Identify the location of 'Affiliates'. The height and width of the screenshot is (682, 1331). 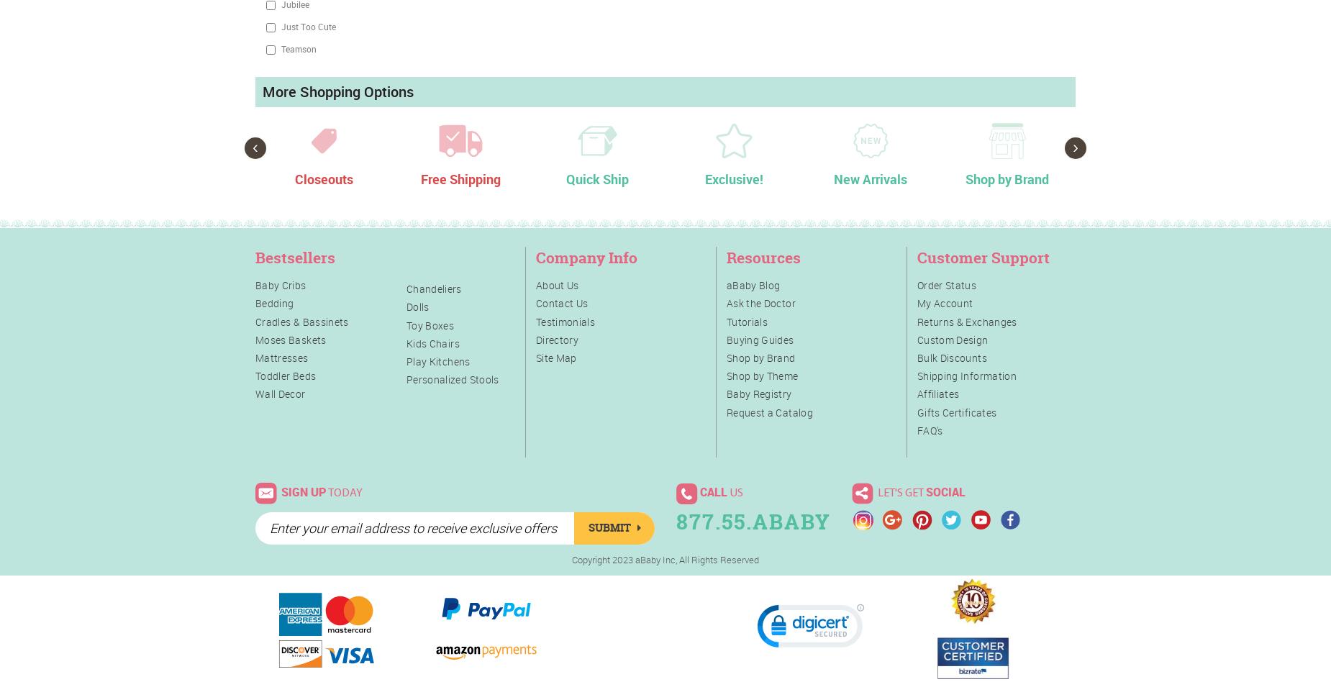
(937, 394).